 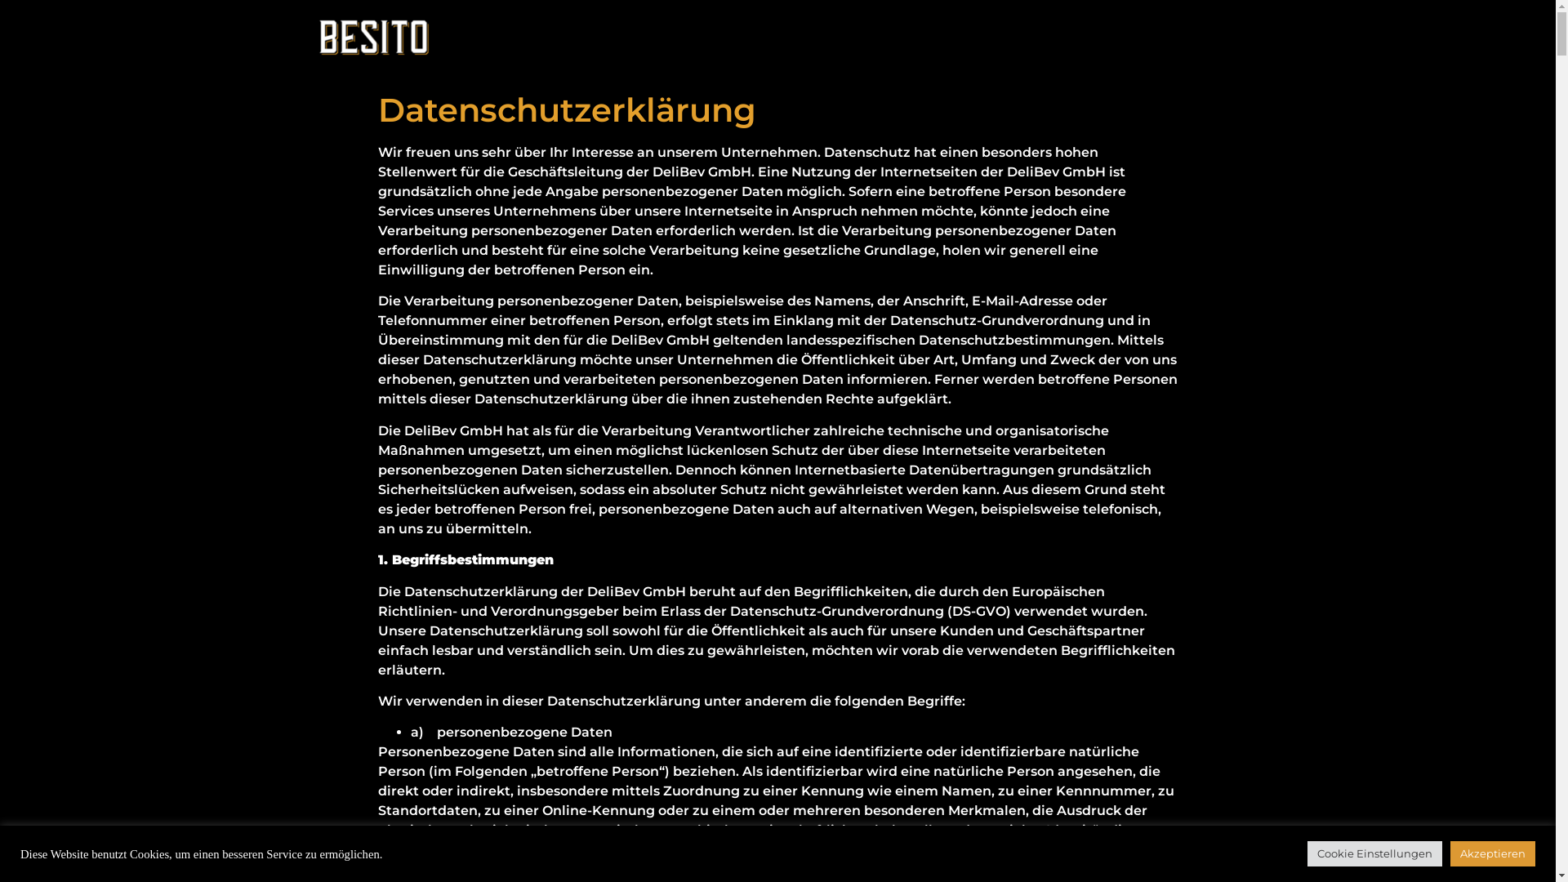 I want to click on 'Akzeptieren', so click(x=1450, y=853).